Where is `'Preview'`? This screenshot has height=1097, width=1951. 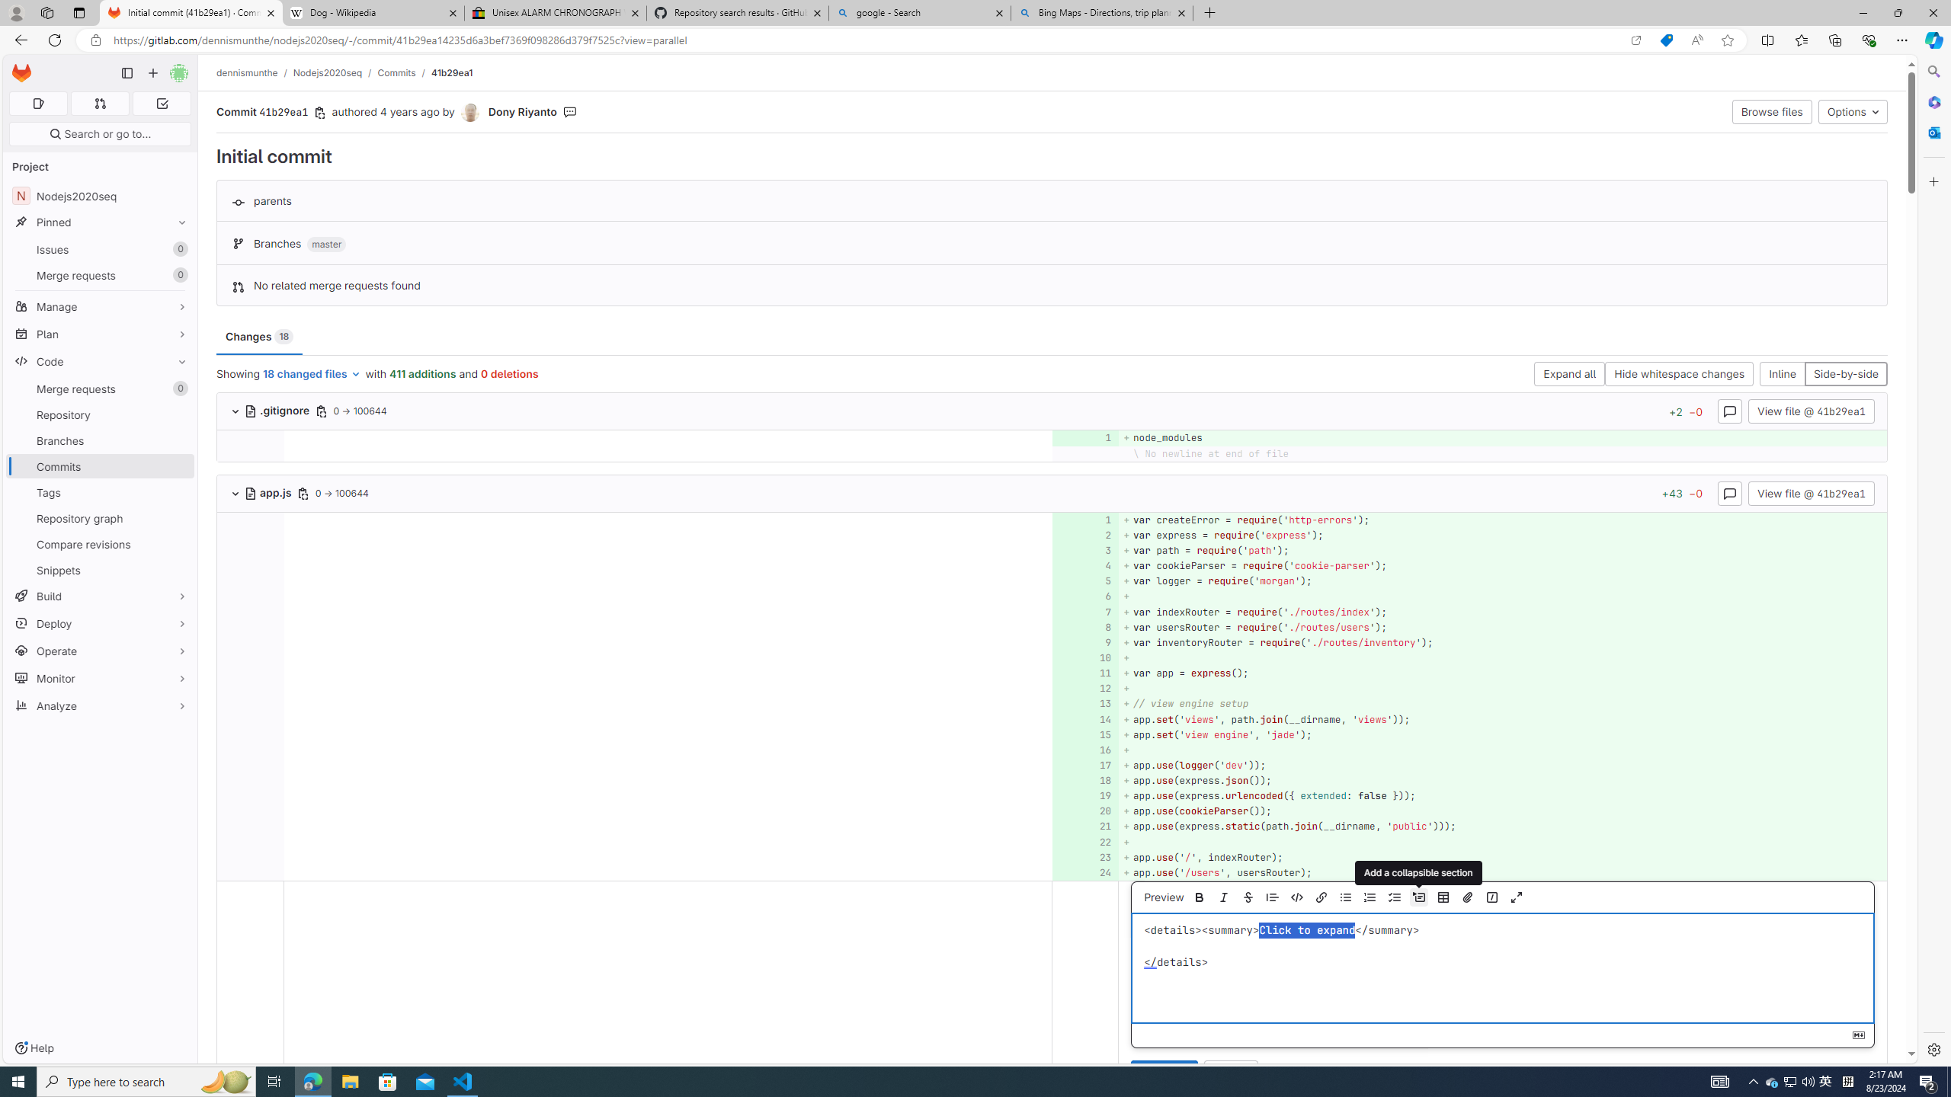 'Preview' is located at coordinates (1163, 897).